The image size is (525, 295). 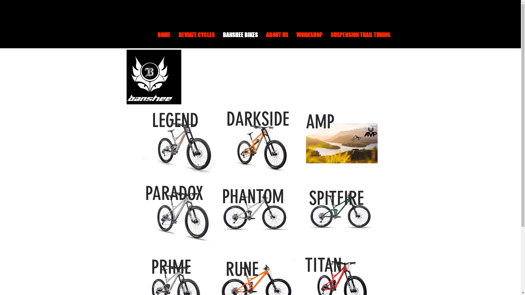 What do you see at coordinates (309, 38) in the screenshot?
I see `'WORKSHOP'` at bounding box center [309, 38].